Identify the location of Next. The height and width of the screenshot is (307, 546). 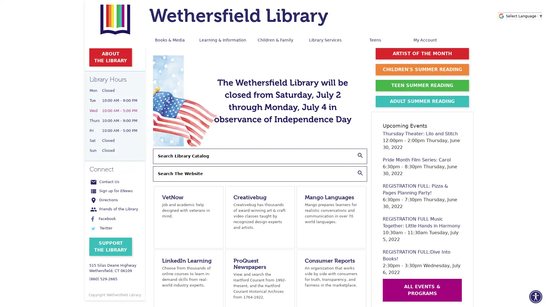
(351, 100).